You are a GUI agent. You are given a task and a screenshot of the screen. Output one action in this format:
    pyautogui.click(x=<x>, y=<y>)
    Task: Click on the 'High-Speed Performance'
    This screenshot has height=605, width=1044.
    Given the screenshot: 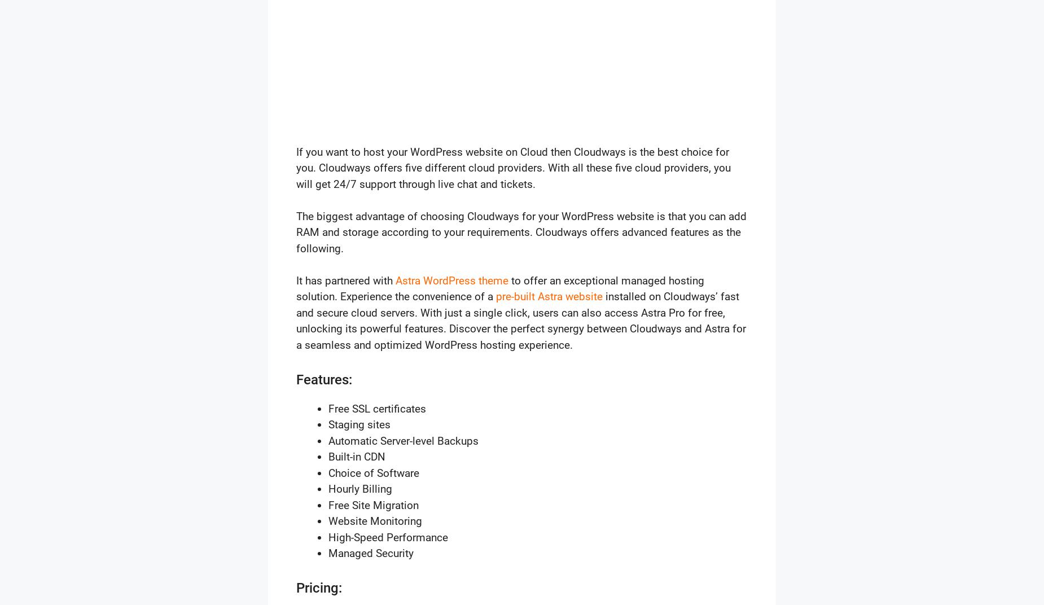 What is the action you would take?
    pyautogui.click(x=388, y=536)
    